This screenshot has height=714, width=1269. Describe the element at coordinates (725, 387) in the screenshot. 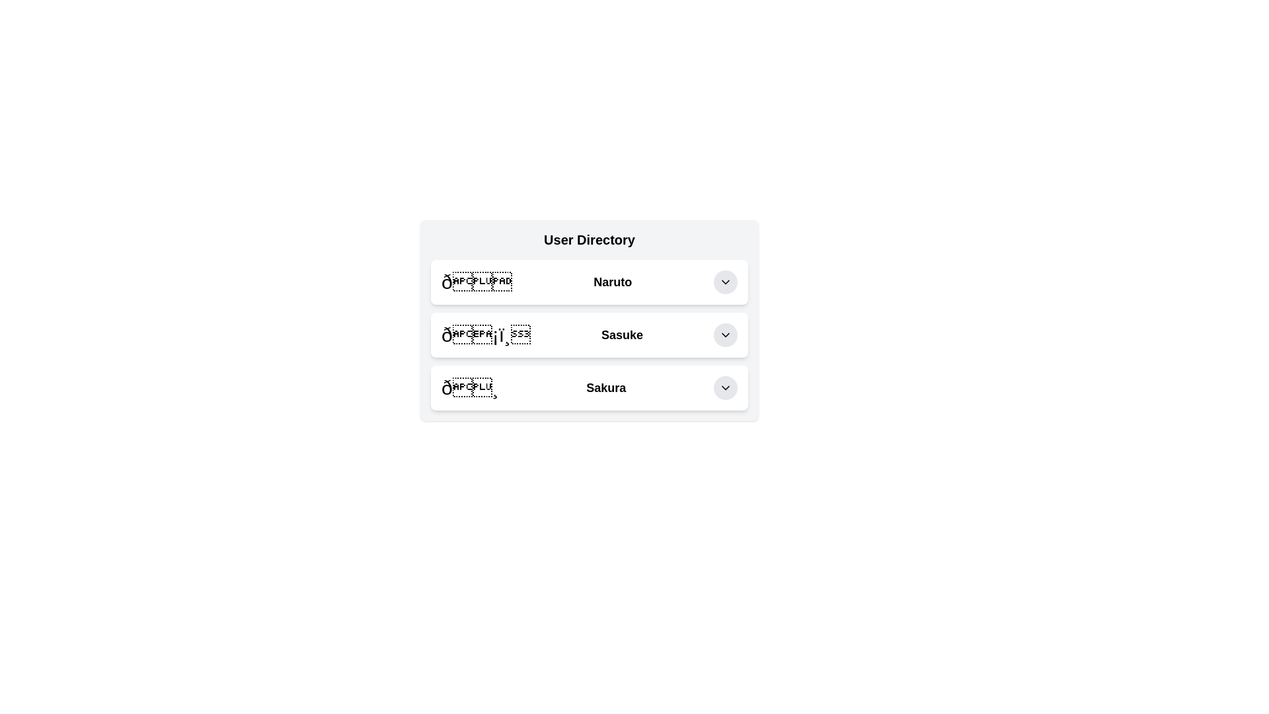

I see `the chevron-down icon within the button located to the right of the 'Sakura' text label in the 'User Directory' section` at that location.